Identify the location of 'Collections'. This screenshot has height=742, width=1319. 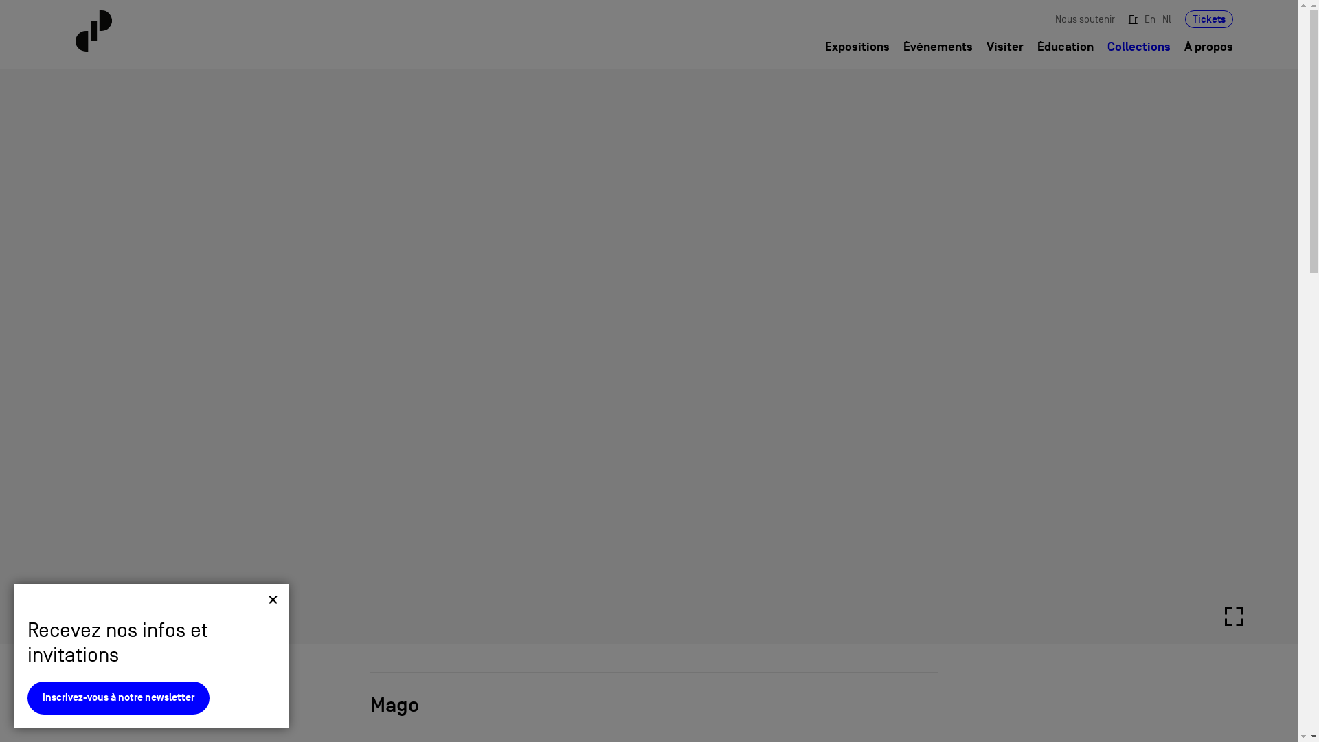
(118, 707).